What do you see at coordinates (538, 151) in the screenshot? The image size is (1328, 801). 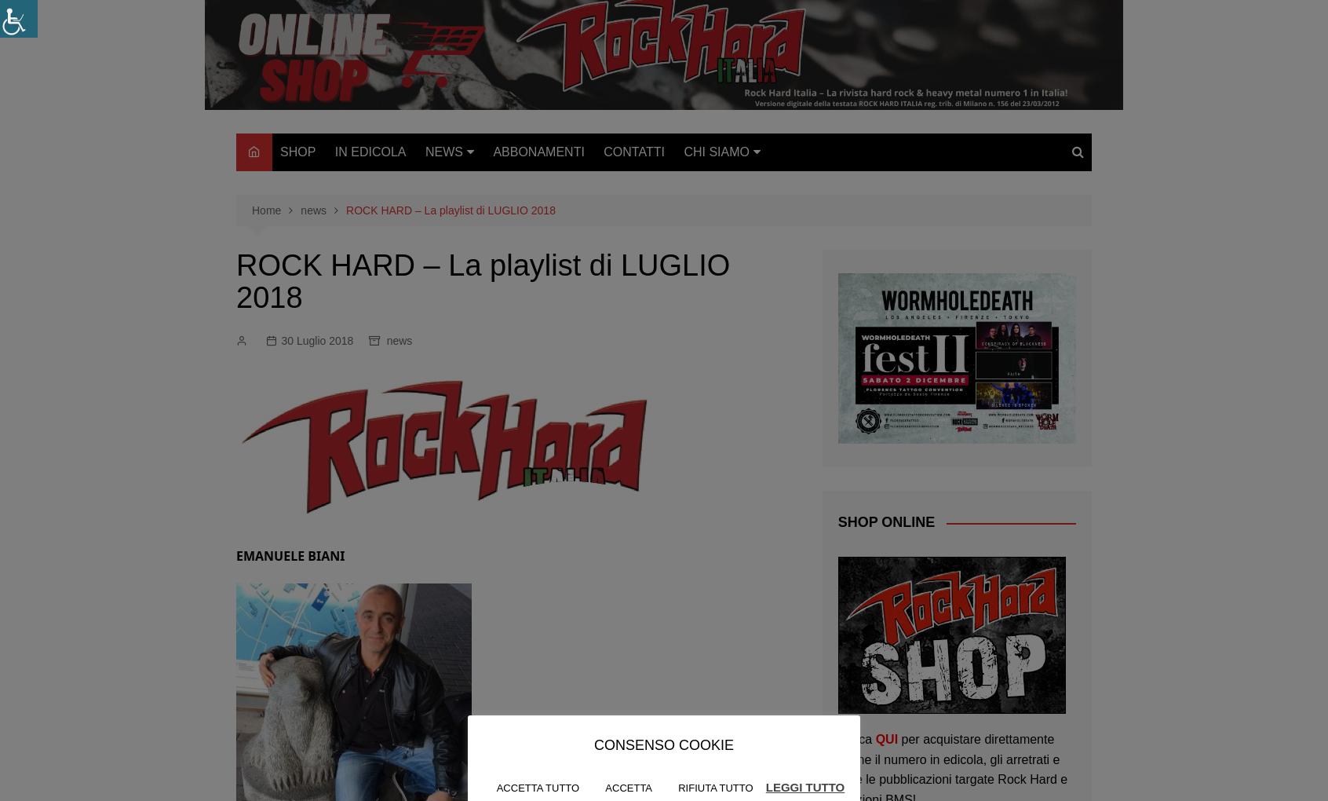 I see `'ABBONAMENTI'` at bounding box center [538, 151].